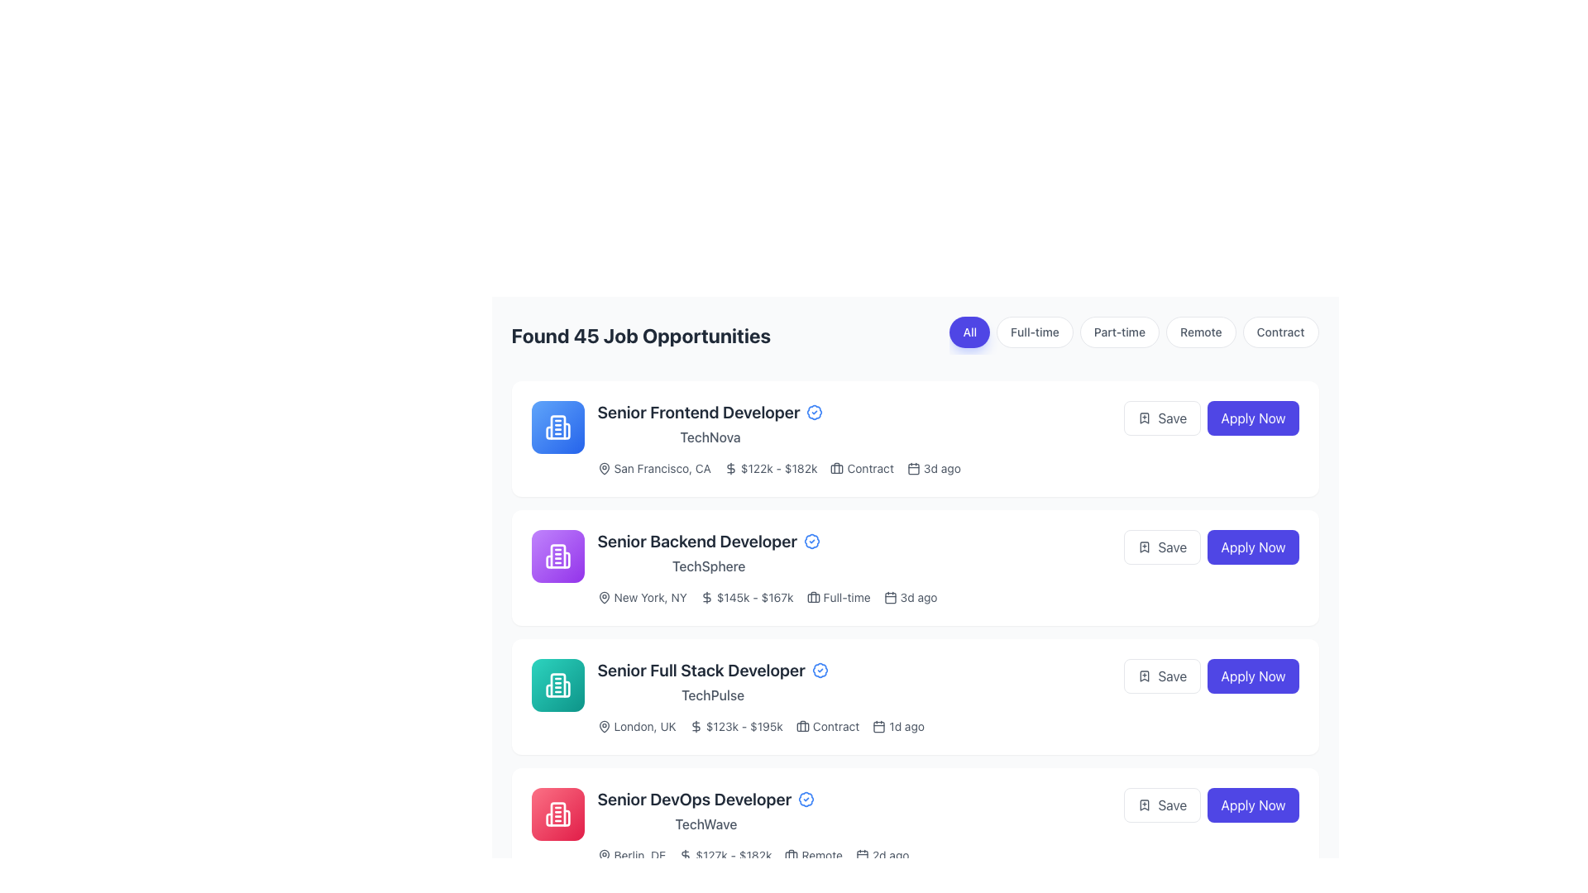 The width and height of the screenshot is (1588, 893). I want to click on the calendar SVG icon that indicates the time or date related to the job posting, located to the left of the text '3d ago', so click(889, 597).